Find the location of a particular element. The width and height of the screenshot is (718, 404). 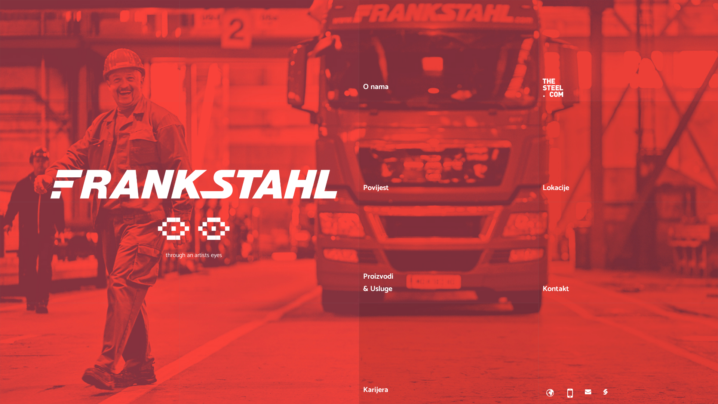

'through an artists eyes' is located at coordinates (194, 236).